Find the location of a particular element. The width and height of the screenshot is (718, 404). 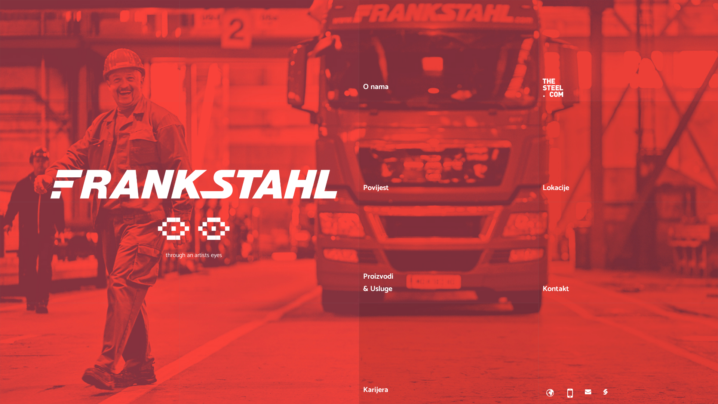

'through an artists eyes' is located at coordinates (194, 236).